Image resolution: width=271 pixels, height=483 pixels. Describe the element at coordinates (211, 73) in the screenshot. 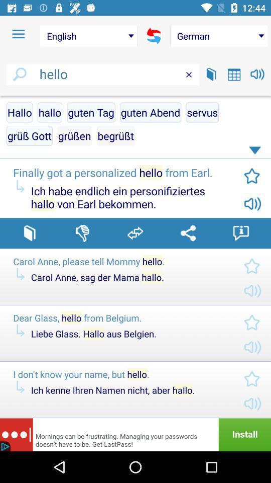

I see `the book icon` at that location.